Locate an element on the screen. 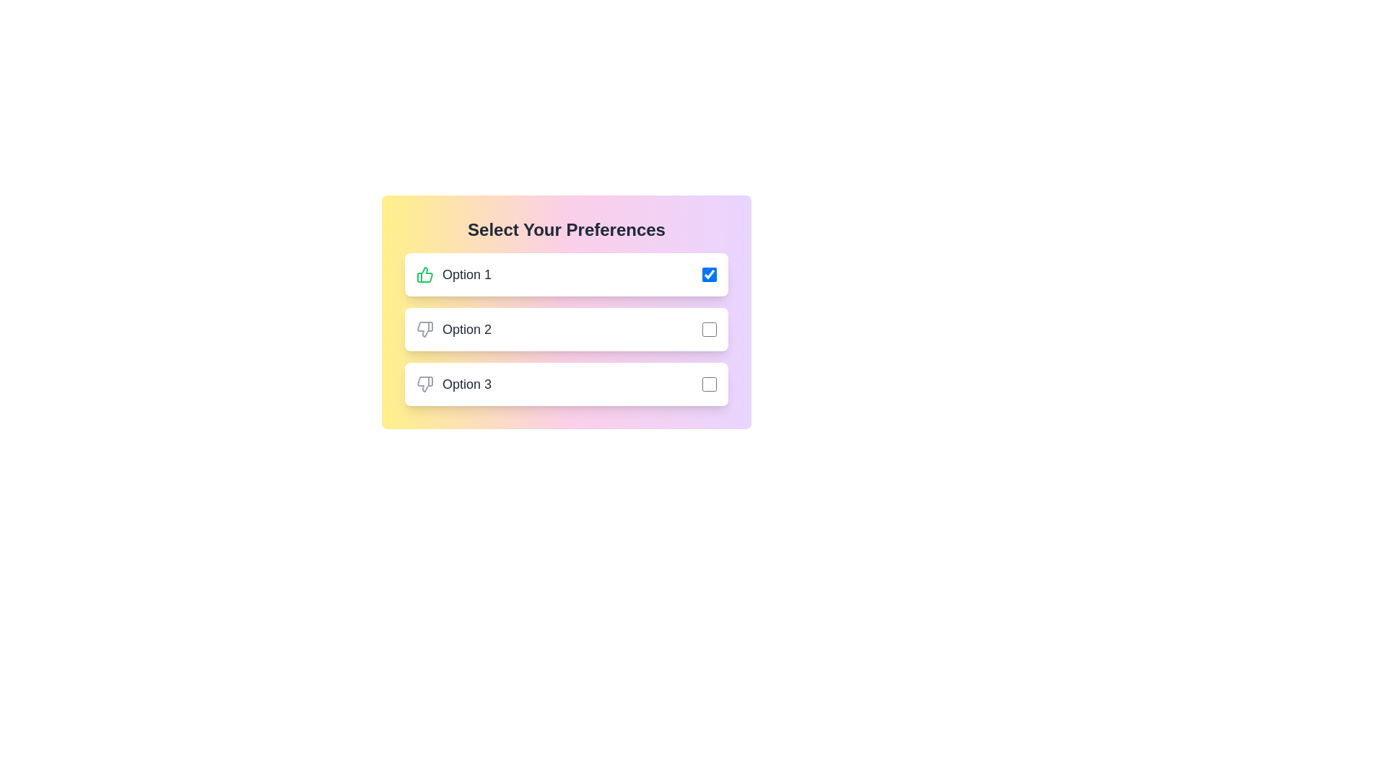 This screenshot has height=779, width=1386. the thumbs-up SVG icon located to the left of the text label 'Option 1' inside a rounded rectangular white button is located at coordinates (424, 275).